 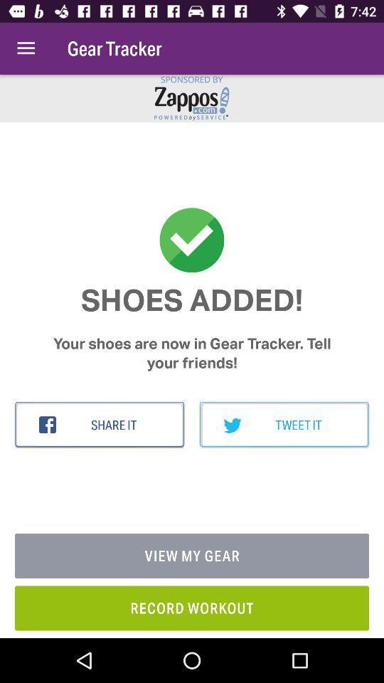 What do you see at coordinates (99, 425) in the screenshot?
I see `the item above the view my gear icon` at bounding box center [99, 425].